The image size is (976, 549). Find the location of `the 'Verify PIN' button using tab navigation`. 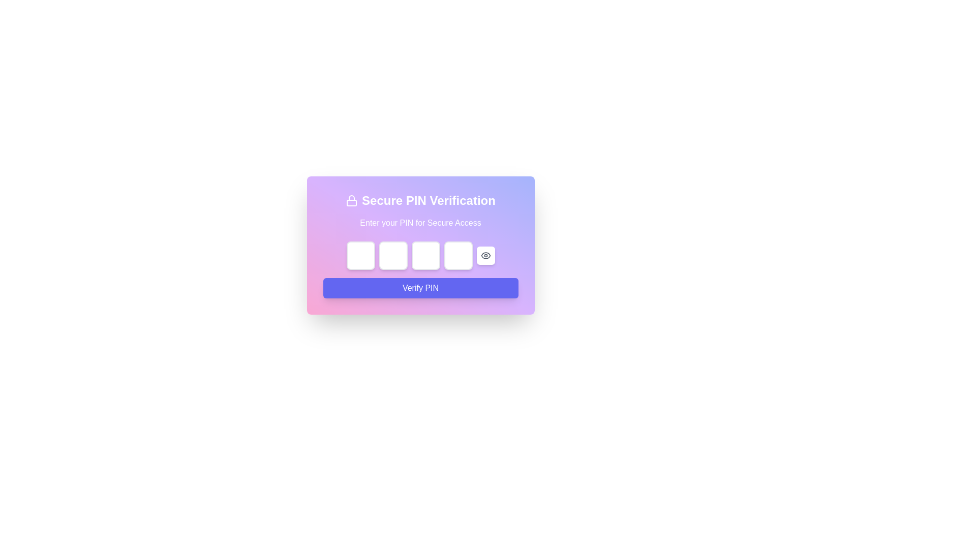

the 'Verify PIN' button using tab navigation is located at coordinates (420, 288).